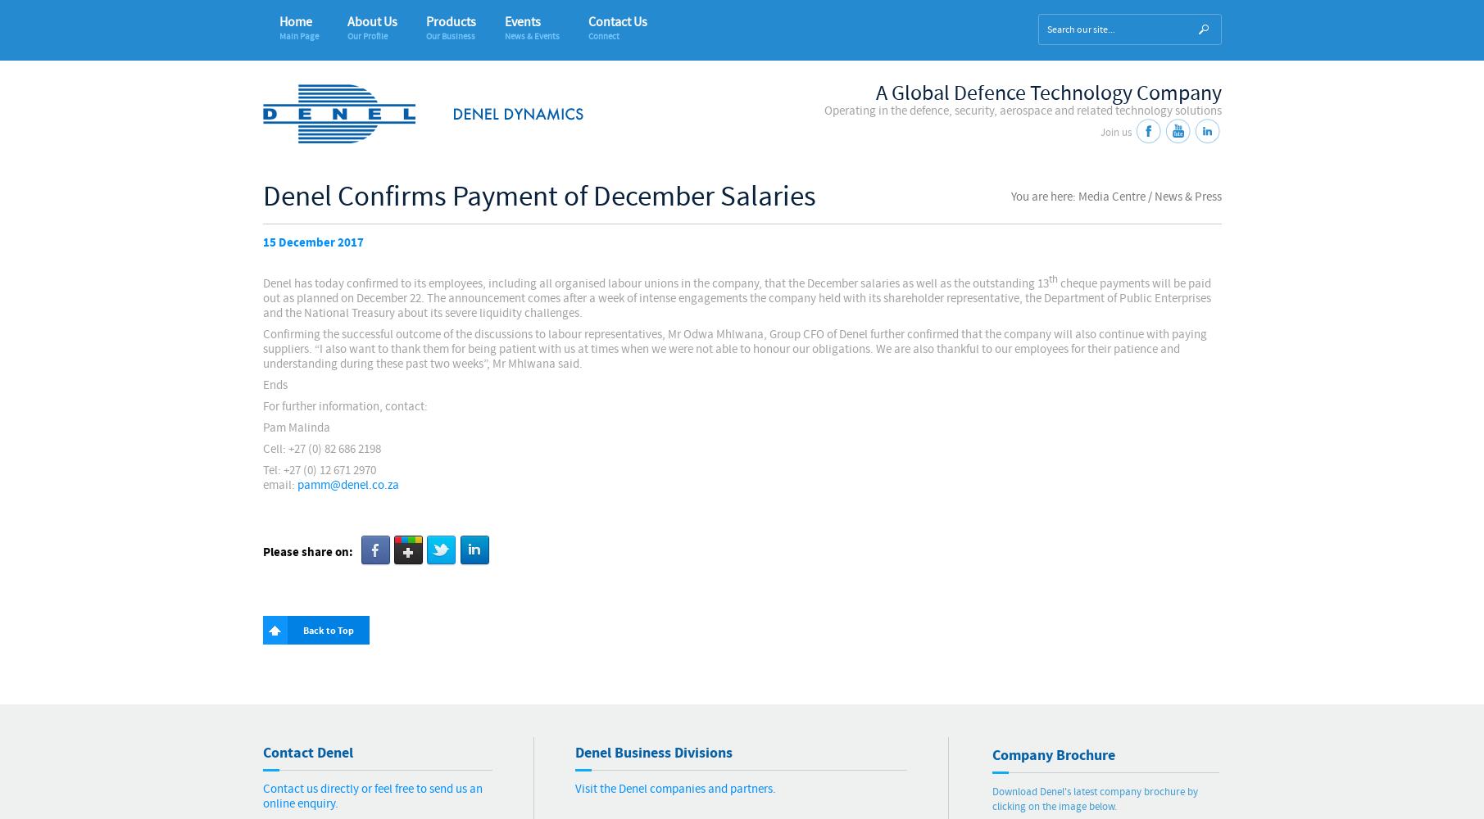 This screenshot has height=819, width=1484. What do you see at coordinates (261, 283) in the screenshot?
I see `'Denel has today confirmed to its employees, including all organised labour unions in the company, that the December salaries as well as the outstanding 13'` at bounding box center [261, 283].